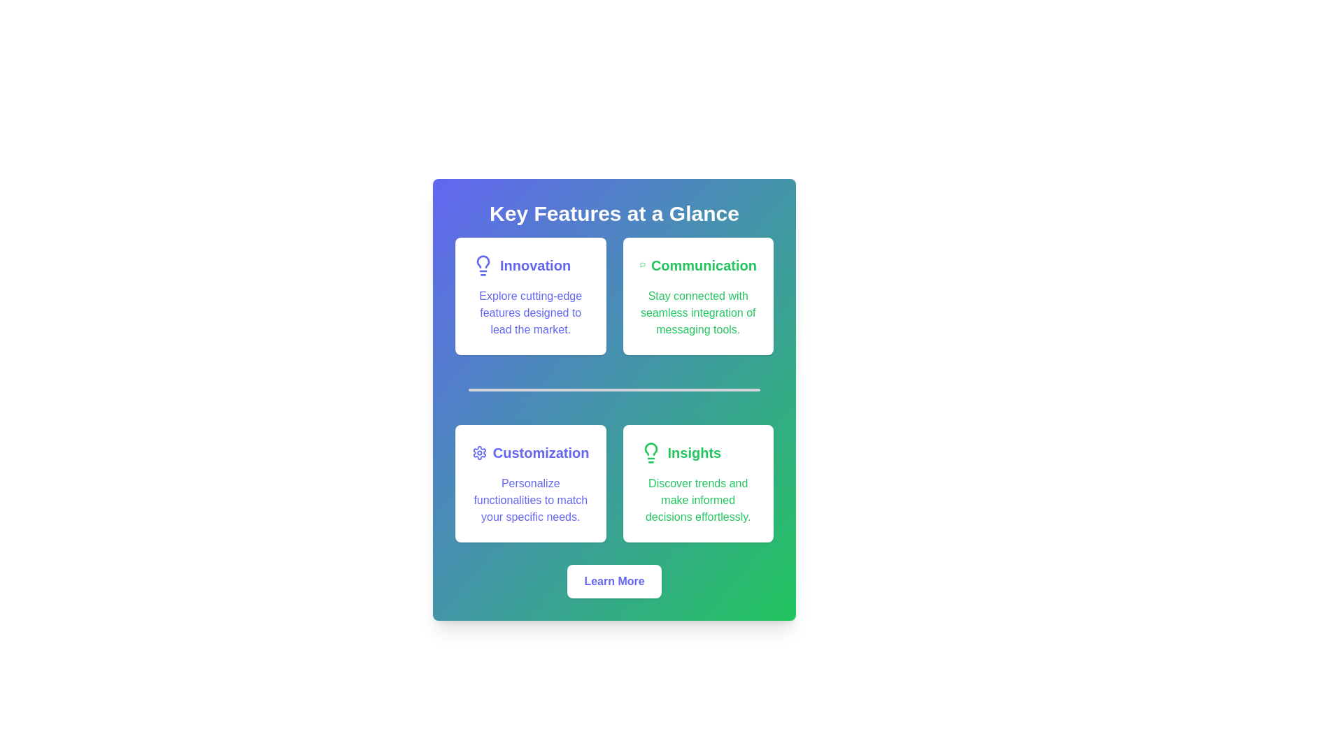  I want to click on the text element with the headline 'Innovation', located beneath 'Key Features at a Glance' and to the right of a light bulb icon, so click(534, 266).